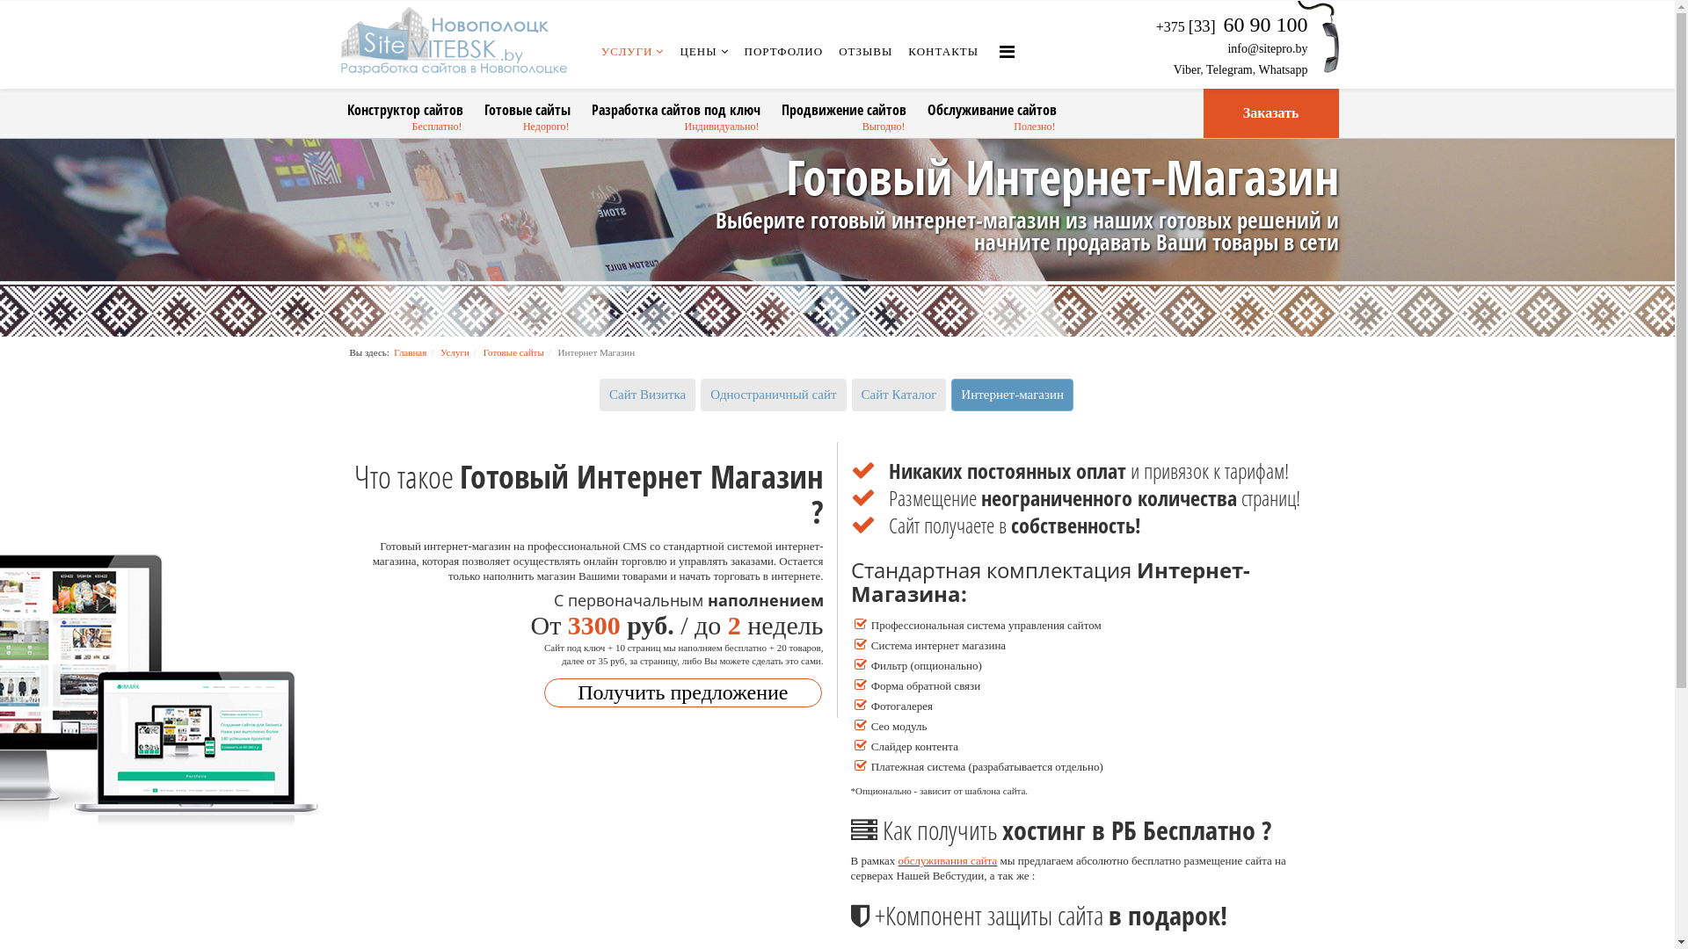 This screenshot has width=1688, height=949. I want to click on '+375 [33]  60 90 100', so click(1231, 26).